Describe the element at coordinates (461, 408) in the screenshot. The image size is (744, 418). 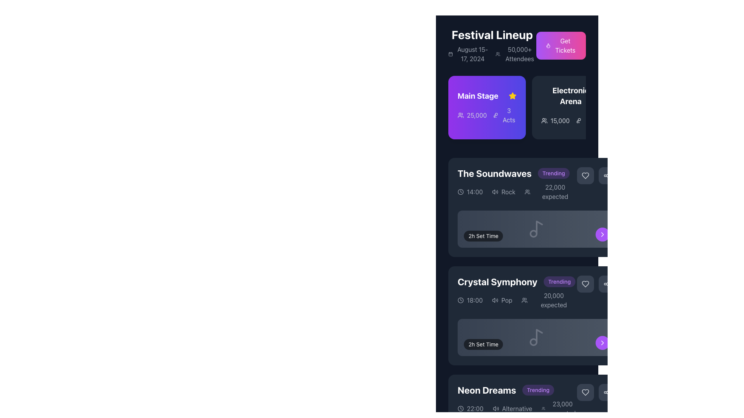
I see `the time icon located in the 'Neon Dreams' section, which is positioned to the left of the displayed time '22:00'` at that location.